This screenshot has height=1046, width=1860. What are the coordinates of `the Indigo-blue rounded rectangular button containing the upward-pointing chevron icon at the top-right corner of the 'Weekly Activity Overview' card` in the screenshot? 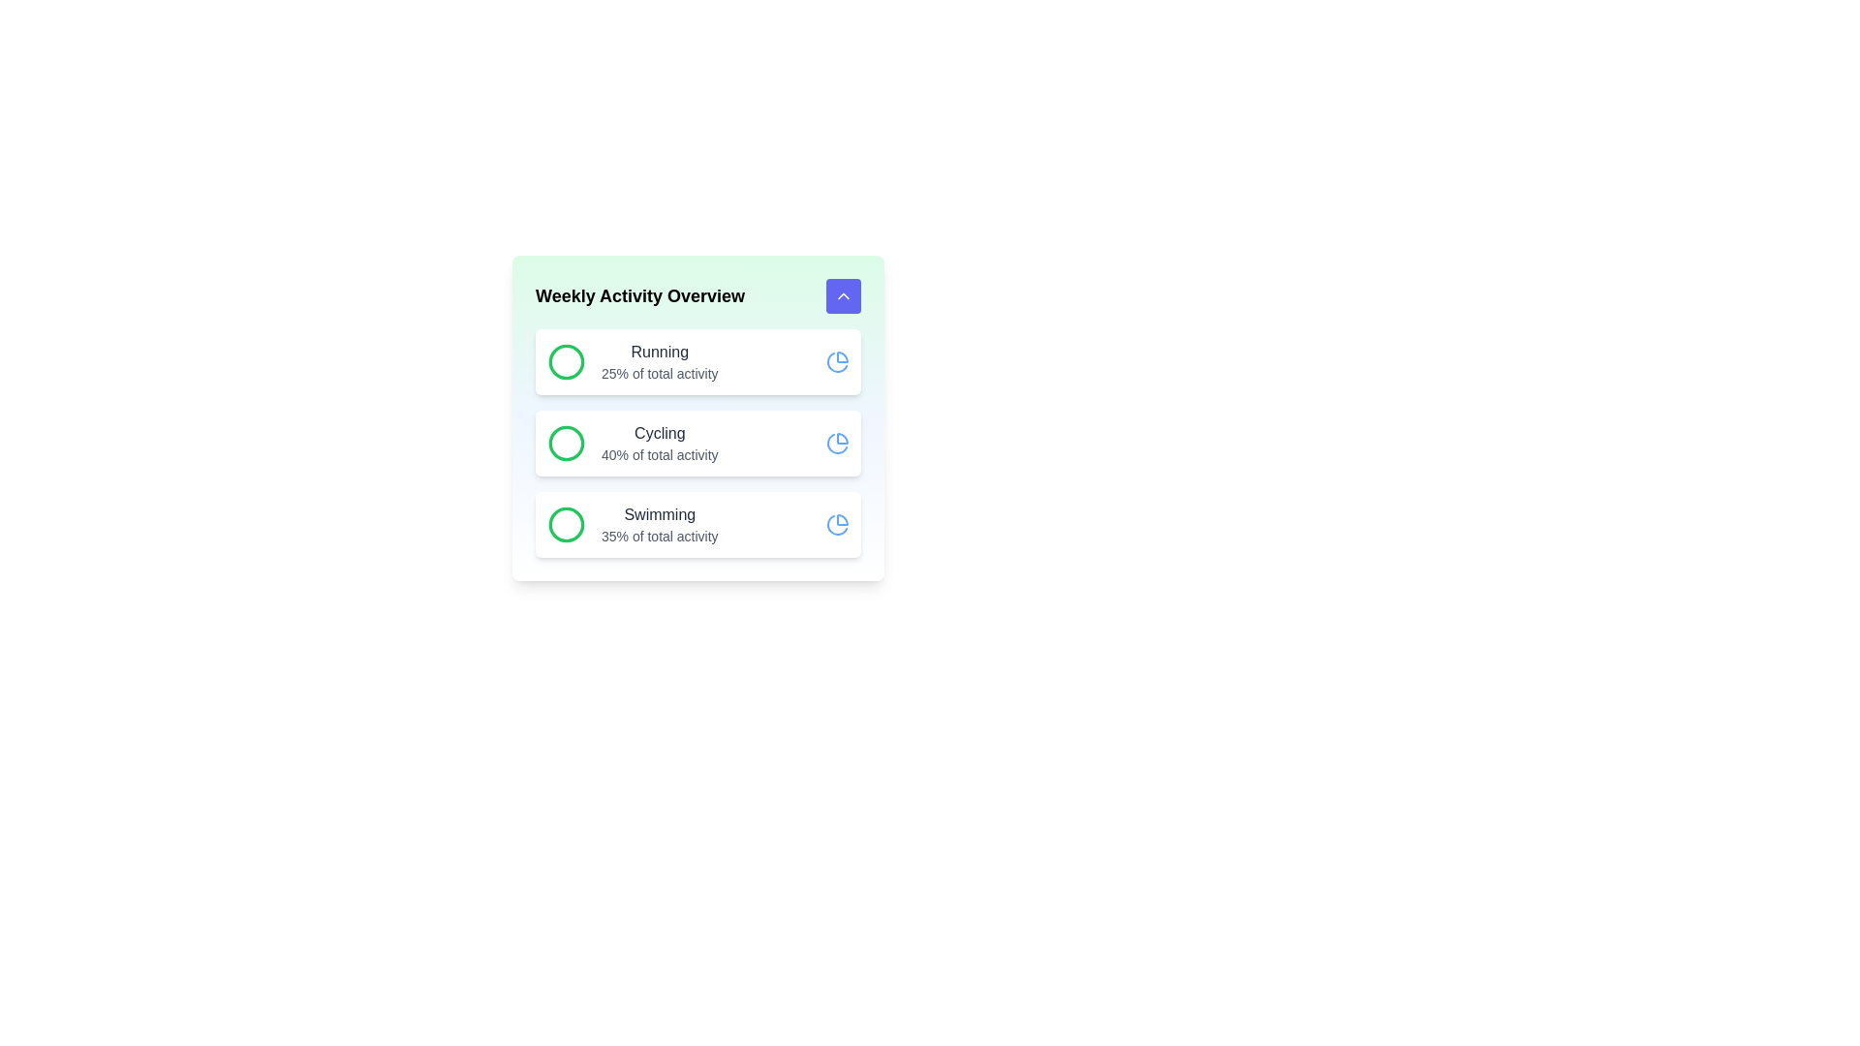 It's located at (843, 295).